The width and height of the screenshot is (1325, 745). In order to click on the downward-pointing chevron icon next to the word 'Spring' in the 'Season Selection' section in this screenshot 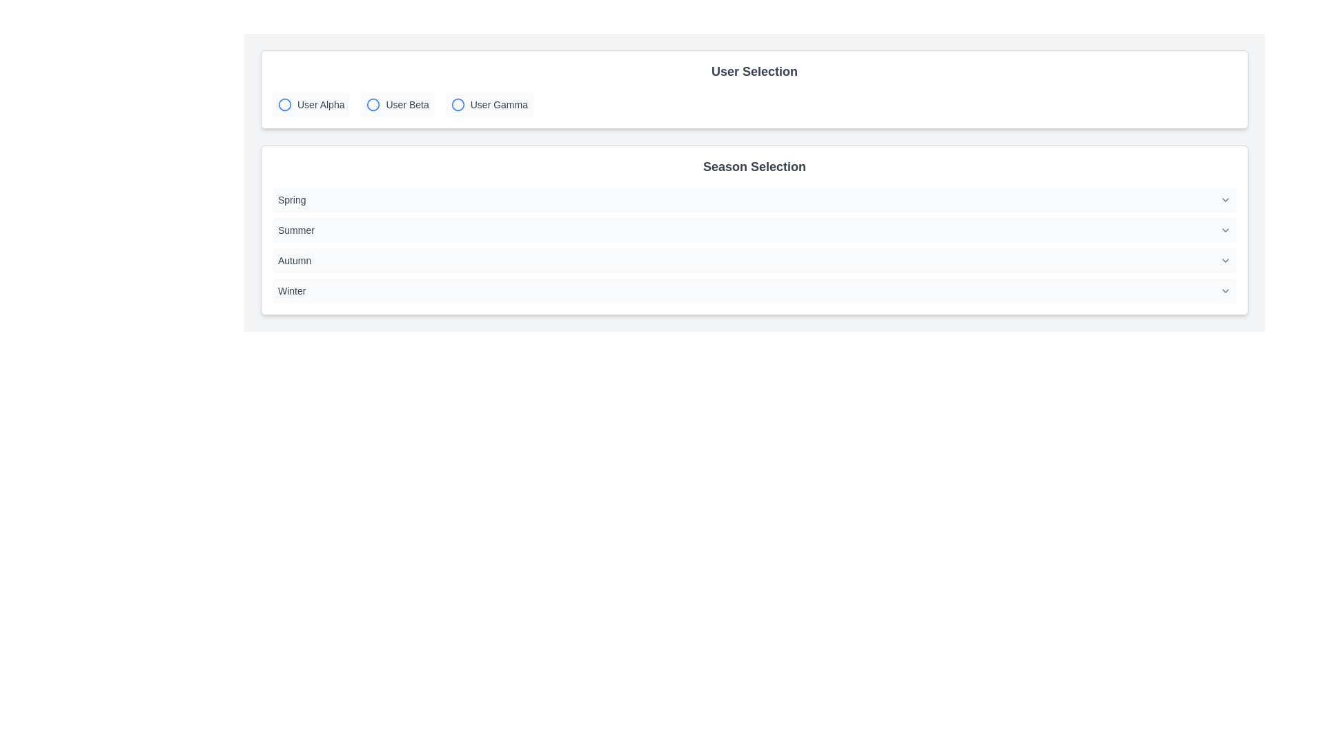, I will do `click(1226, 199)`.